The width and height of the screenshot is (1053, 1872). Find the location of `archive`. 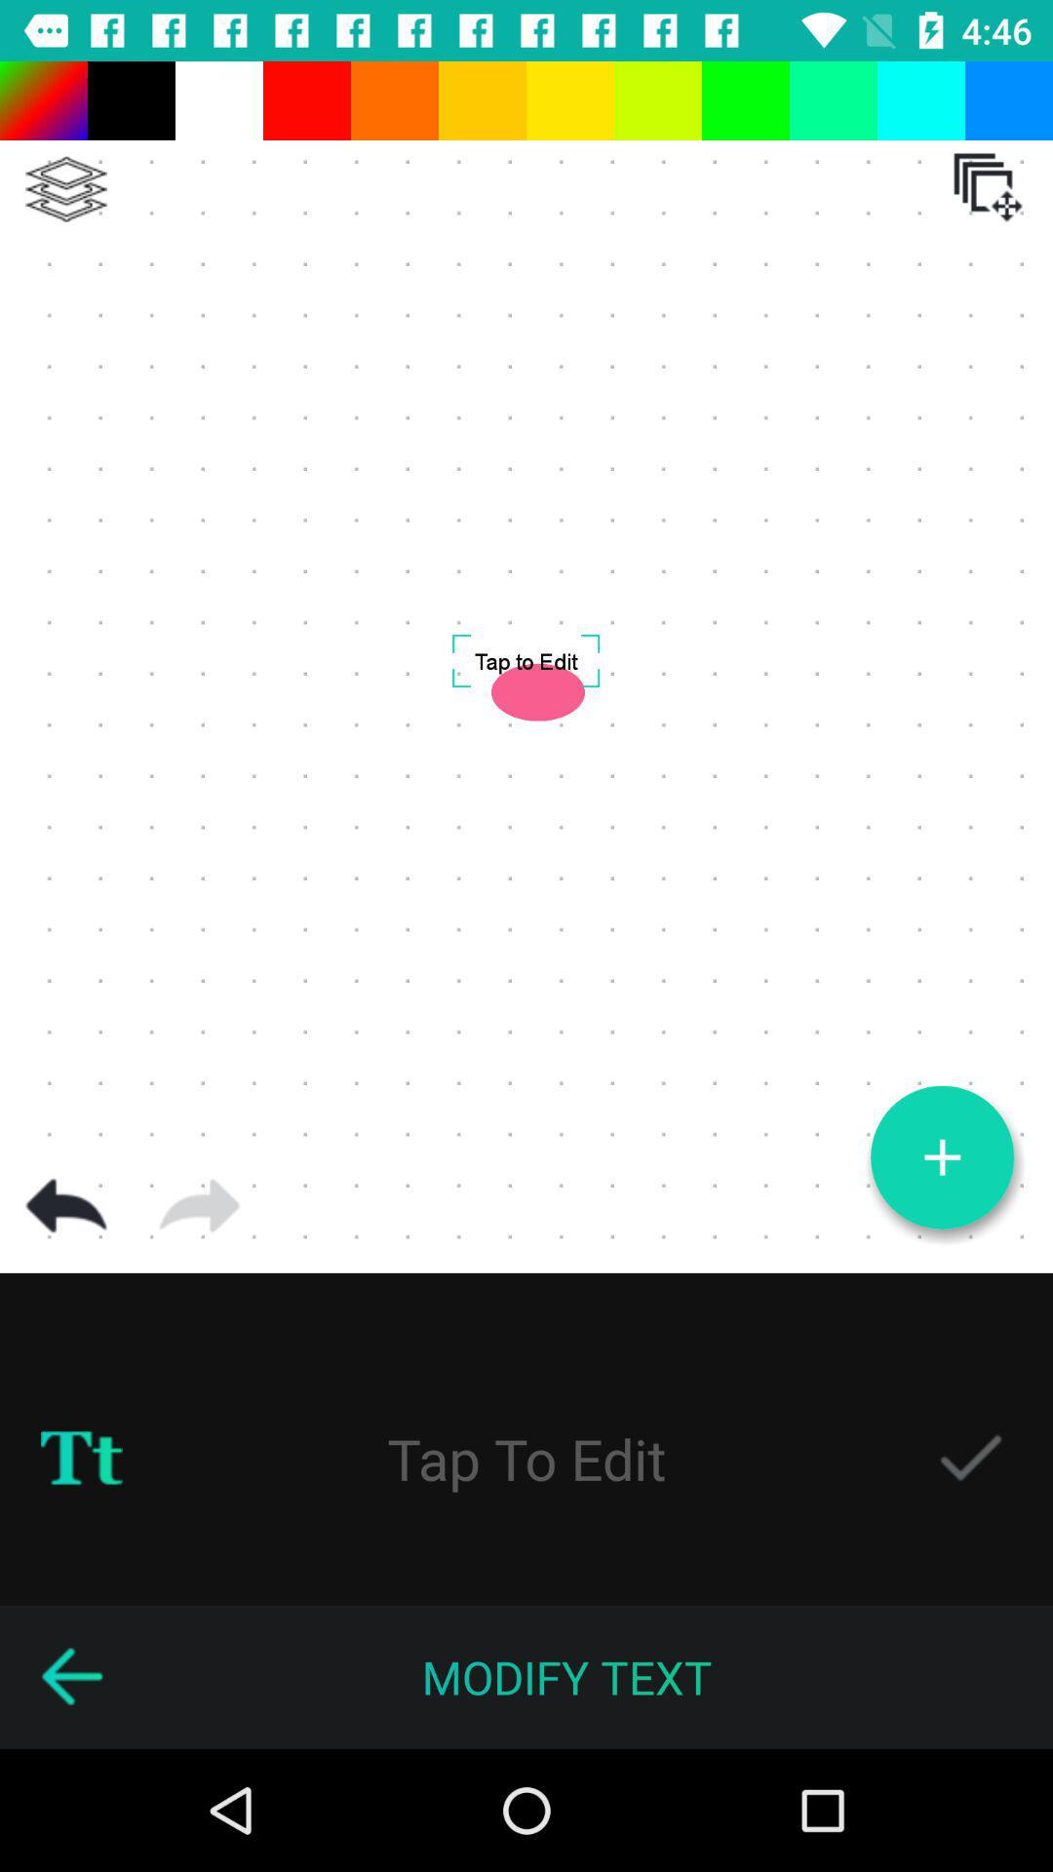

archive is located at coordinates (988, 187).